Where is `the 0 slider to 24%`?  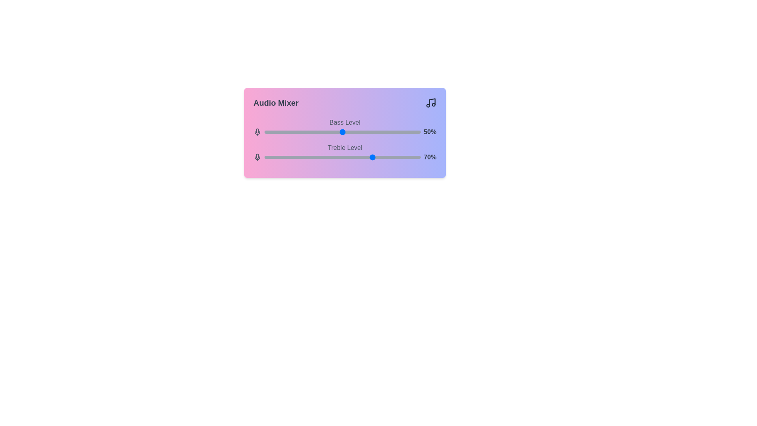
the 0 slider to 24% is located at coordinates (302, 132).